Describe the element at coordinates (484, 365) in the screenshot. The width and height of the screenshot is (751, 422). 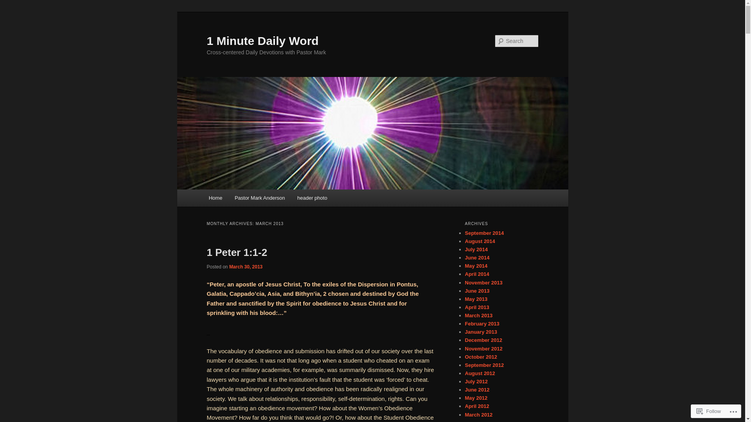
I see `'September 2012'` at that location.